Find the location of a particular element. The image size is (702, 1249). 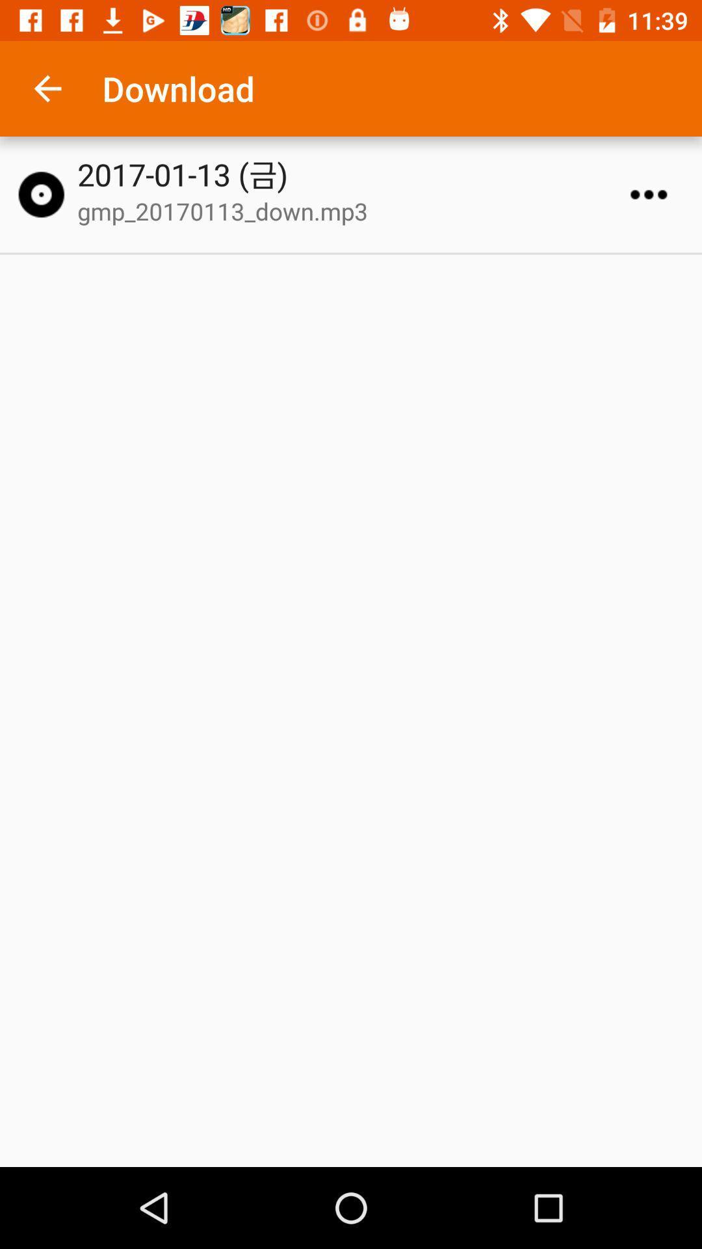

the item to the left of download is located at coordinates (47, 88).